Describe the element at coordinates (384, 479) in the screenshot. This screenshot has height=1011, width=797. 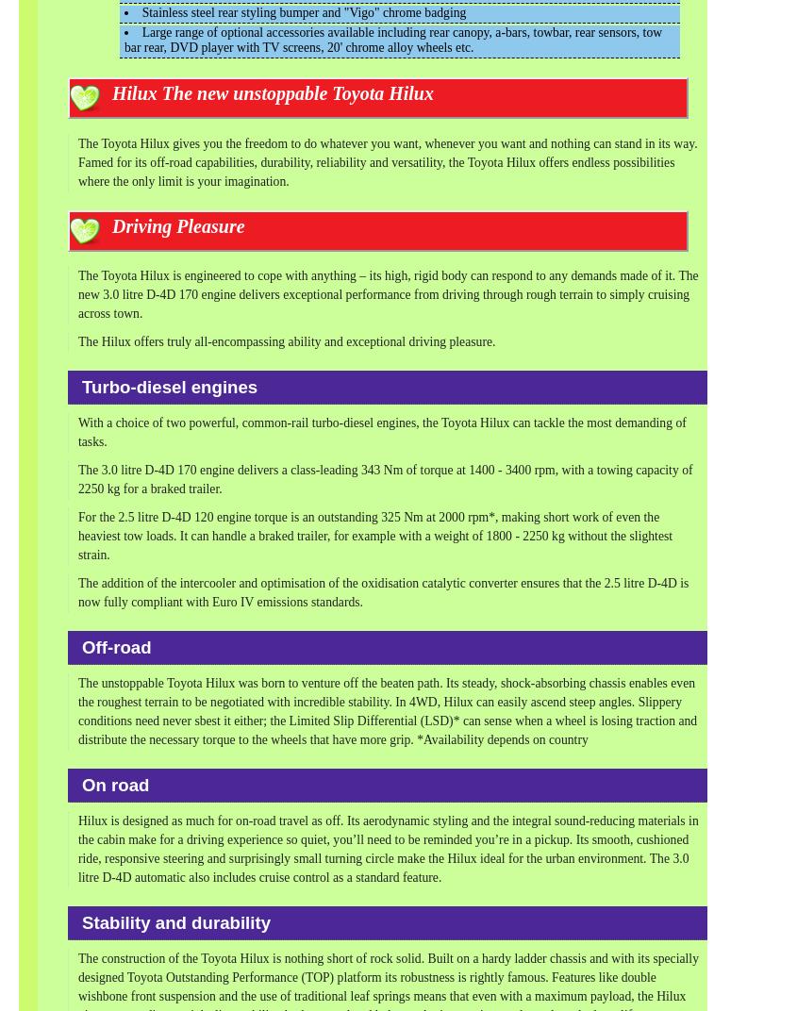
I see `'The 3.0 litre D-4D 170 engine delivers a class-leading 
					343 Nm of torque at 1400 - 3400 rpm, with a towing capacity 
					of 2250 kg for a braked trailer.'` at that location.